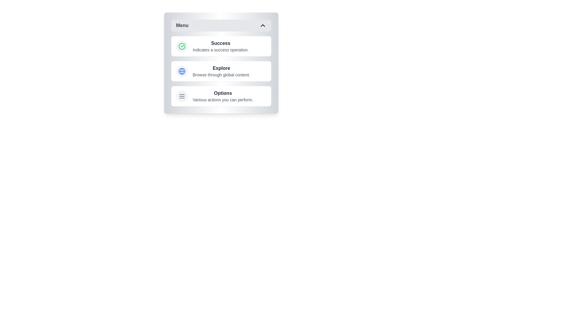 The width and height of the screenshot is (571, 321). What do you see at coordinates (221, 71) in the screenshot?
I see `the menu item labeled Explore to view its hover effect` at bounding box center [221, 71].